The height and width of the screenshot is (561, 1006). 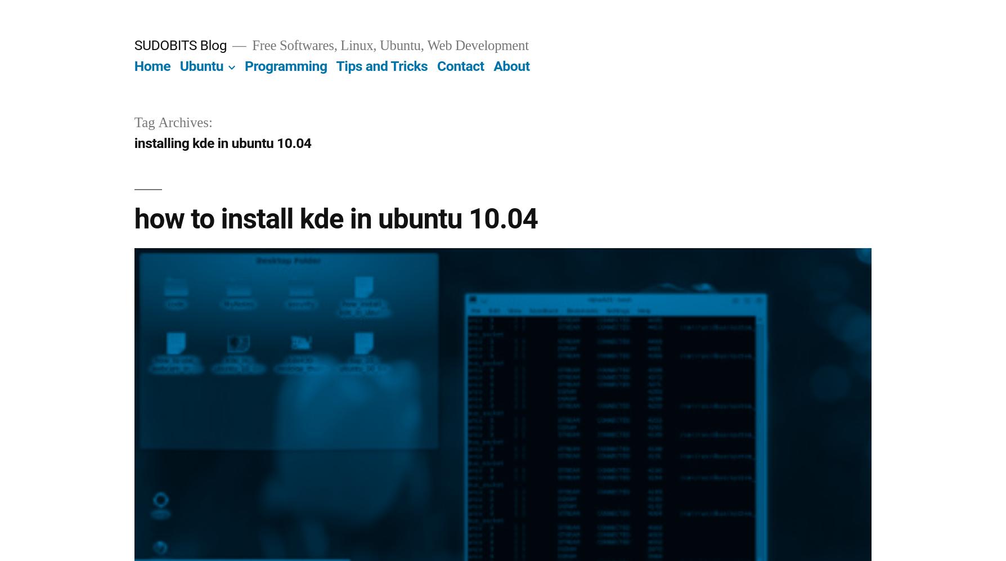 I want to click on 'Contact', so click(x=460, y=66).